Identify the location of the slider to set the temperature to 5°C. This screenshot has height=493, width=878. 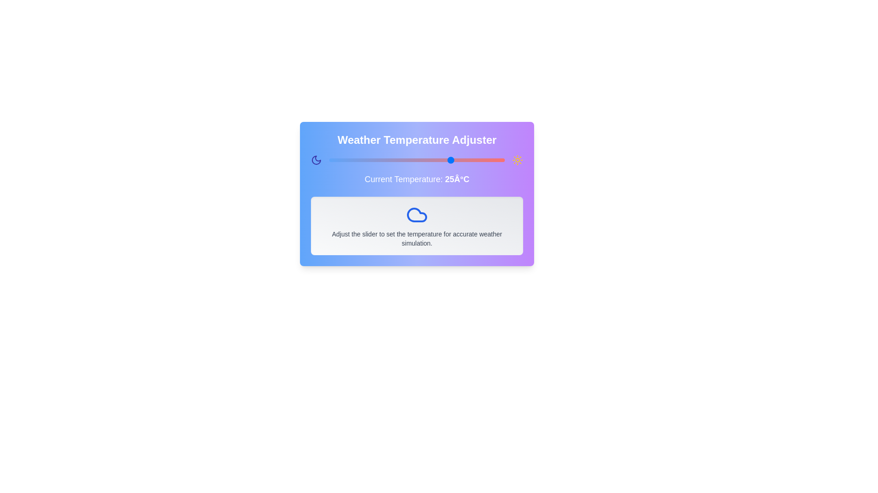
(382, 160).